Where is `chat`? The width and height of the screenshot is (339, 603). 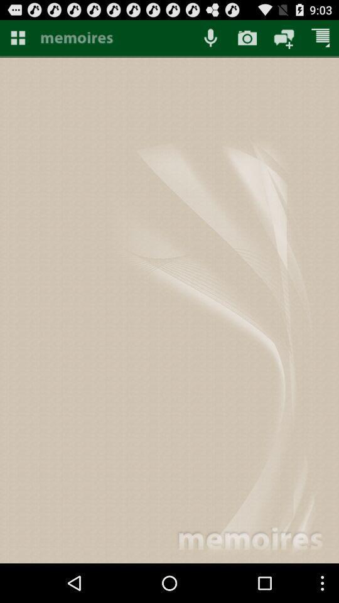
chat is located at coordinates (284, 37).